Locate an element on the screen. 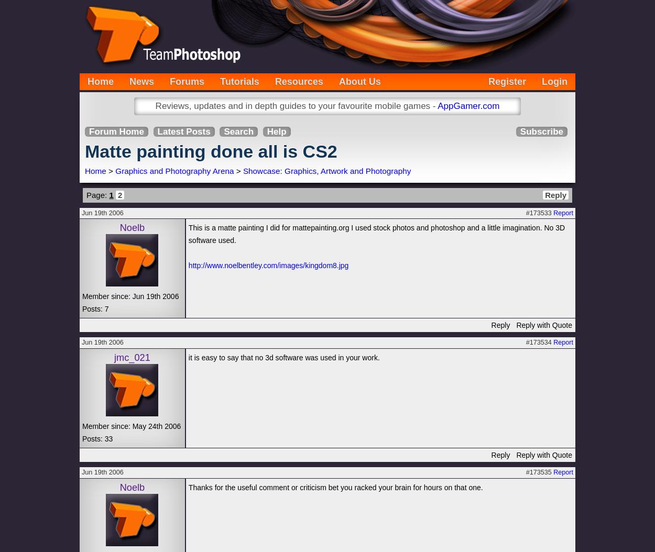 This screenshot has height=552, width=655. '2' is located at coordinates (119, 194).